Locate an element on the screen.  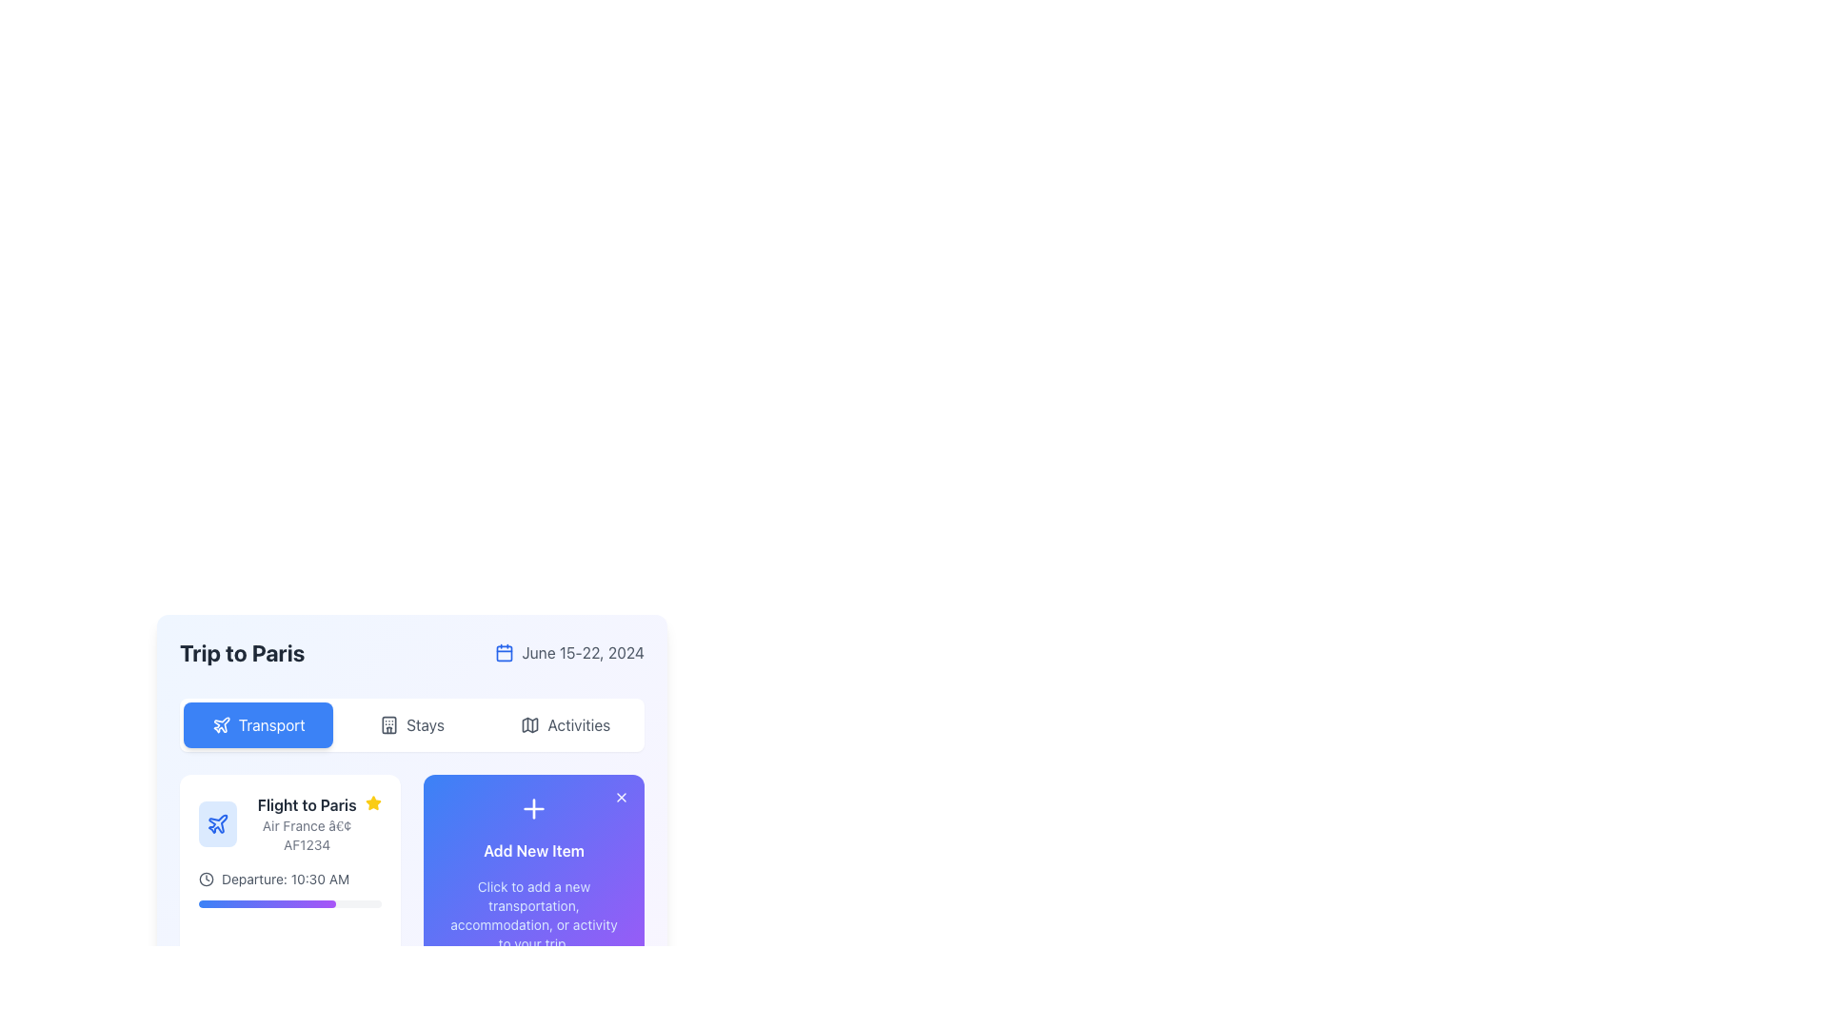
the clock-shaped icon located on the left side of the text 'Departure: 10:30 AM' in the transport card section of the trip planner interface is located at coordinates (206, 880).